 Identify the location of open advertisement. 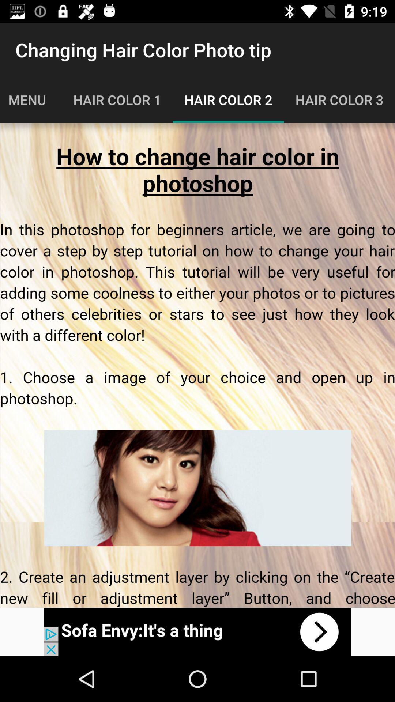
(197, 631).